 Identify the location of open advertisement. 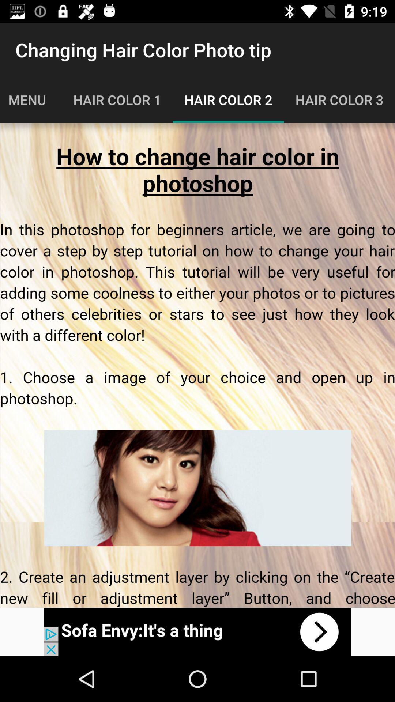
(197, 631).